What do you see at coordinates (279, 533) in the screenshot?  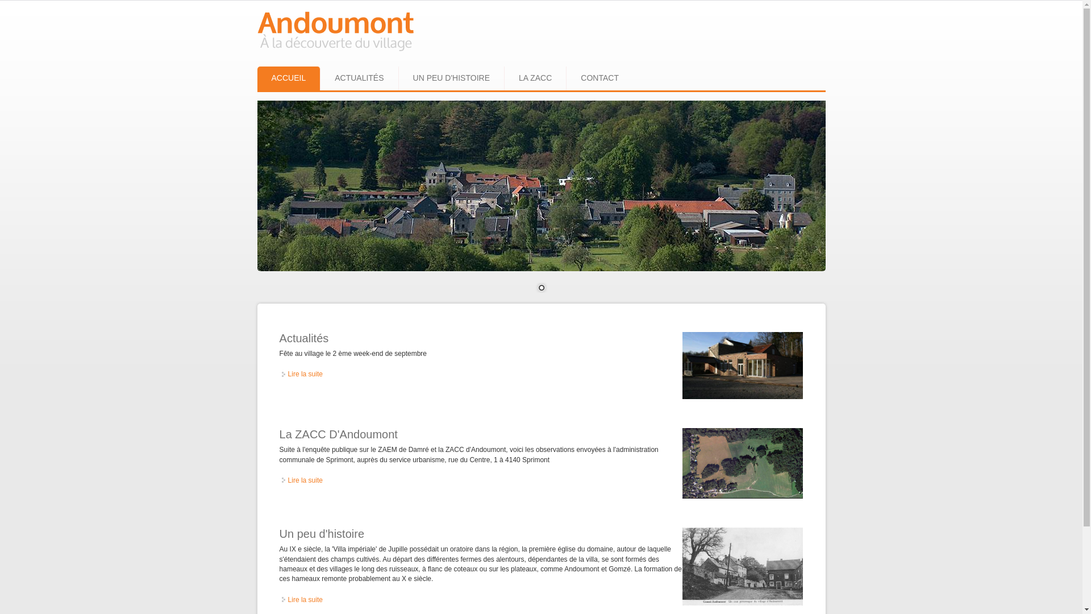 I see `'Un peu d'histoire'` at bounding box center [279, 533].